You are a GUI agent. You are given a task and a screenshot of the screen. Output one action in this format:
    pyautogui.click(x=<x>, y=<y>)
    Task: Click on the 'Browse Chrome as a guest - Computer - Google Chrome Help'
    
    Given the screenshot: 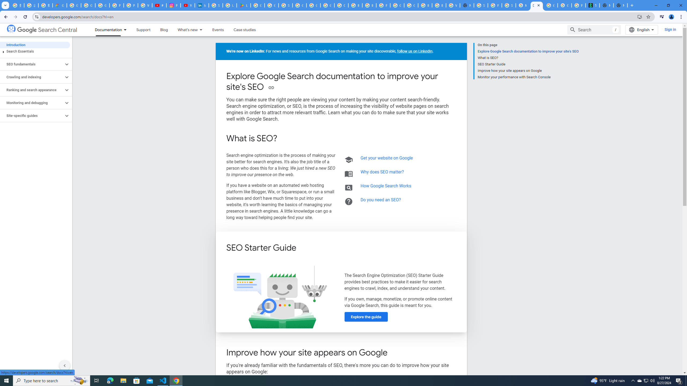 What is the action you would take?
    pyautogui.click(x=425, y=5)
    